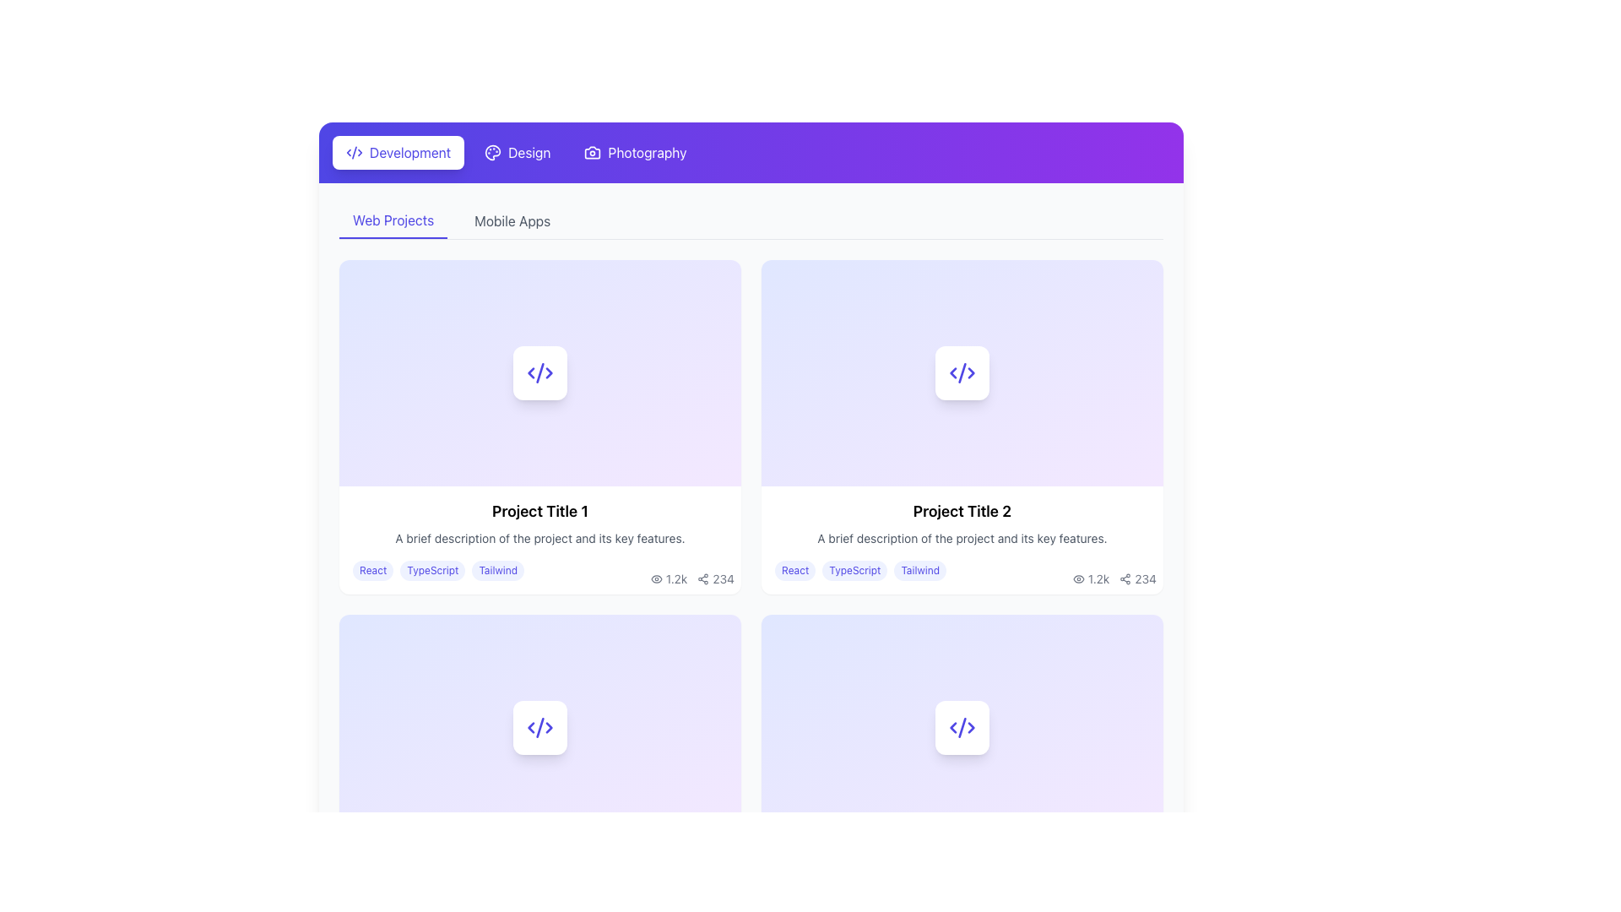  Describe the element at coordinates (962, 538) in the screenshot. I see `the descriptive text block located beneath the 'Project Title 2' heading in the second project card of the Web Projects tab` at that location.